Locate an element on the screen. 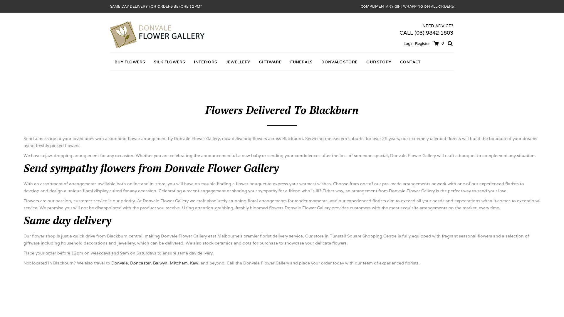  'DONVALE STORE' is located at coordinates (317, 62).